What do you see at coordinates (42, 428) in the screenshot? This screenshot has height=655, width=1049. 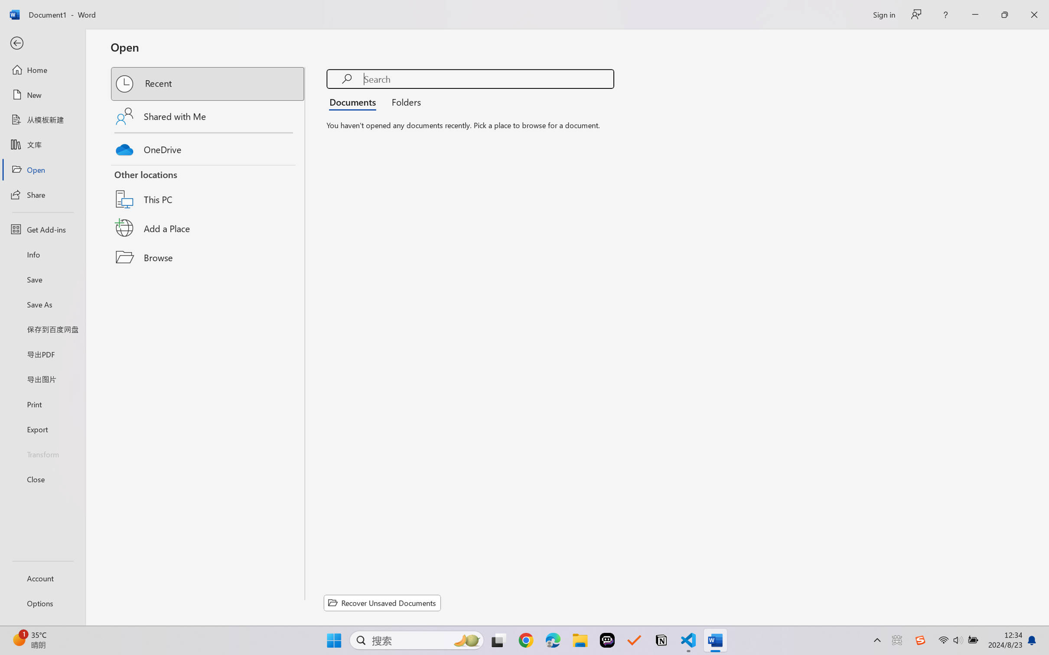 I see `'Export'` at bounding box center [42, 428].